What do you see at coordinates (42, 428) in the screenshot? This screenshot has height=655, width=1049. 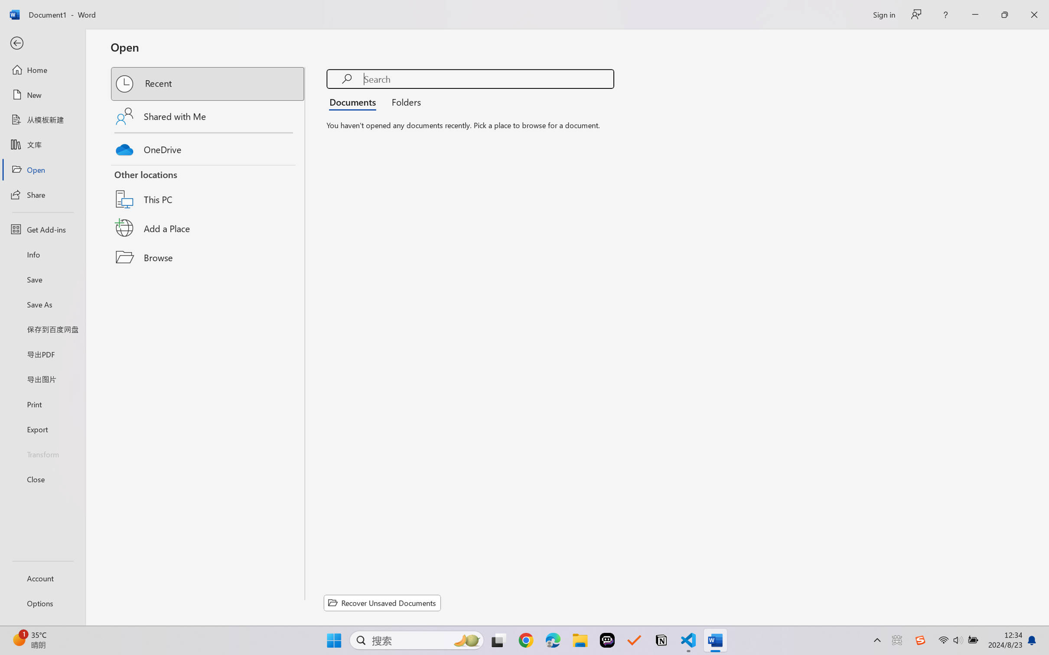 I see `'Export'` at bounding box center [42, 428].